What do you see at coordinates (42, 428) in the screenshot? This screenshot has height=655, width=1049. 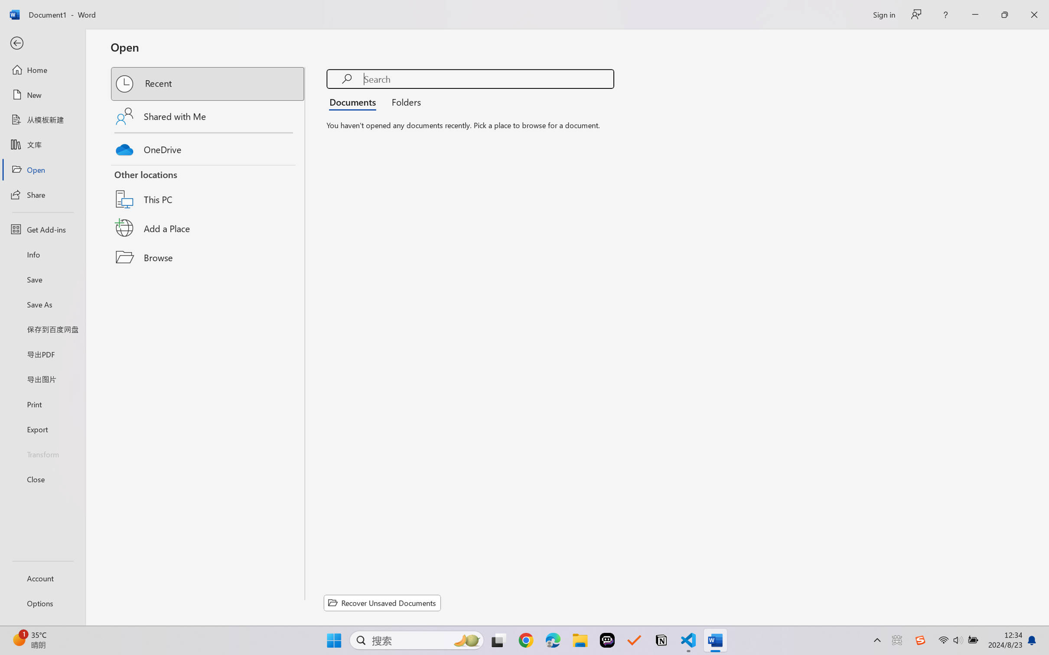 I see `'Export'` at bounding box center [42, 428].